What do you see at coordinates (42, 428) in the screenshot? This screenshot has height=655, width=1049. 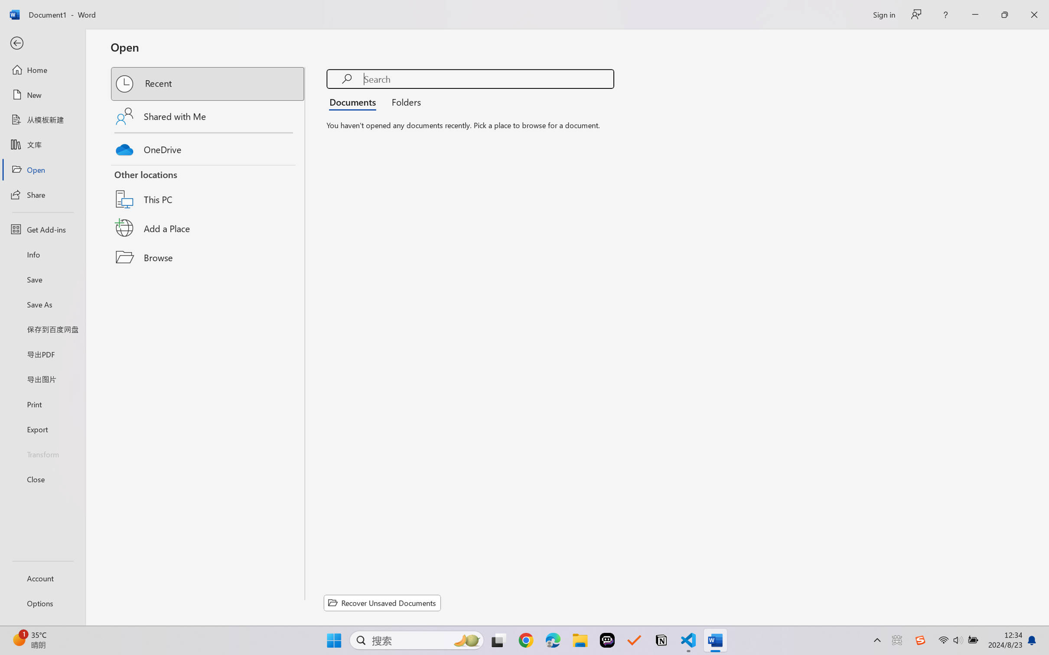 I see `'Export'` at bounding box center [42, 428].